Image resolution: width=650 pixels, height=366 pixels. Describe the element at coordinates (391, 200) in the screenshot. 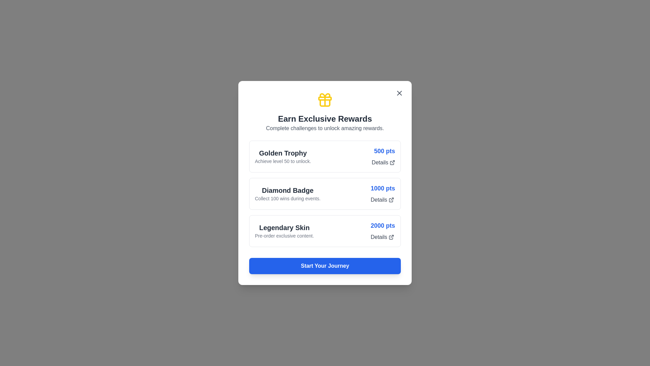

I see `the graphic icon styled in an outline format, resembling a box with curved edges and a truncated corner, located in the bottom-right of the text 'Details' in the 'Diamond Badge' entry` at that location.